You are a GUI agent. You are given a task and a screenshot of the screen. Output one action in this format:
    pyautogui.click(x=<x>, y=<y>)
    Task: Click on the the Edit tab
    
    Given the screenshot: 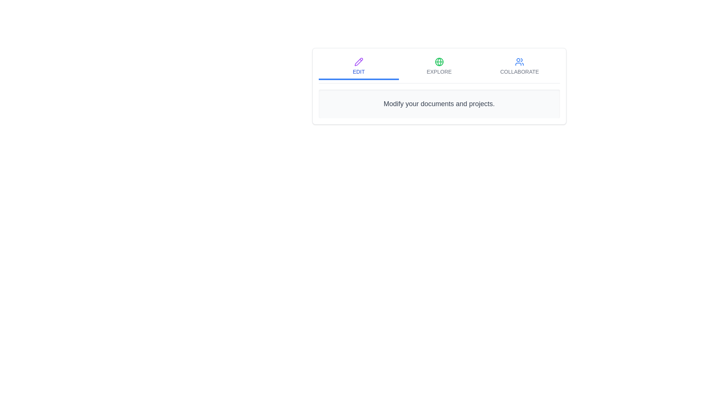 What is the action you would take?
    pyautogui.click(x=358, y=66)
    